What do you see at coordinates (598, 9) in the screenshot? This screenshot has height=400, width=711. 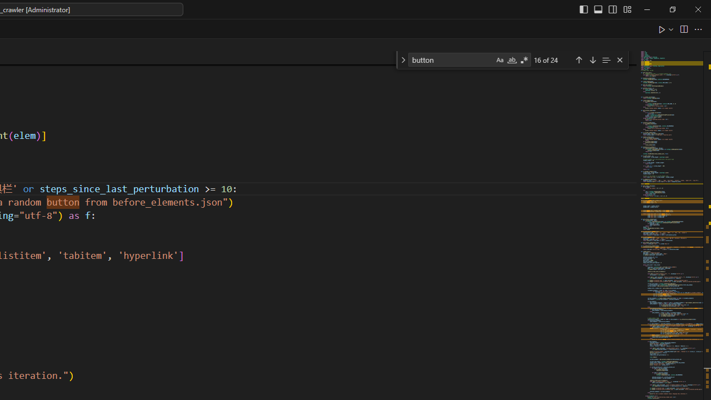 I see `'Toggle Panel (Ctrl+J)'` at bounding box center [598, 9].